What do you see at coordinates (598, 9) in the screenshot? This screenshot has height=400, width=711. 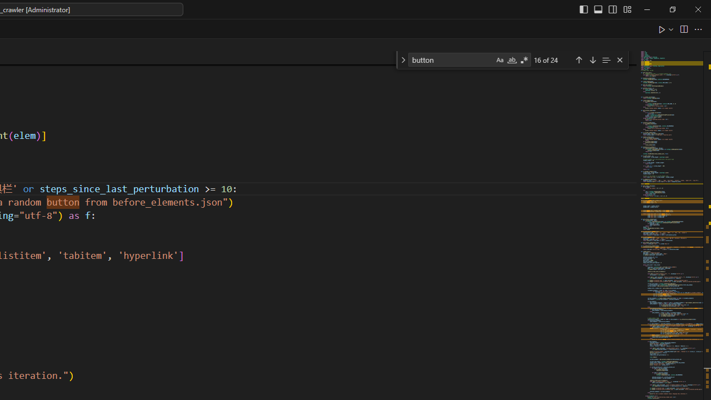 I see `'Toggle Panel (Ctrl+J)'` at bounding box center [598, 9].